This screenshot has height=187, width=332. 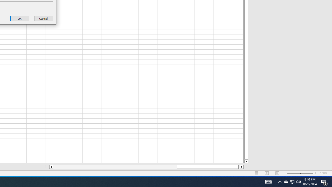 I want to click on 'Action Center, 5 new notifications', so click(x=331, y=181).